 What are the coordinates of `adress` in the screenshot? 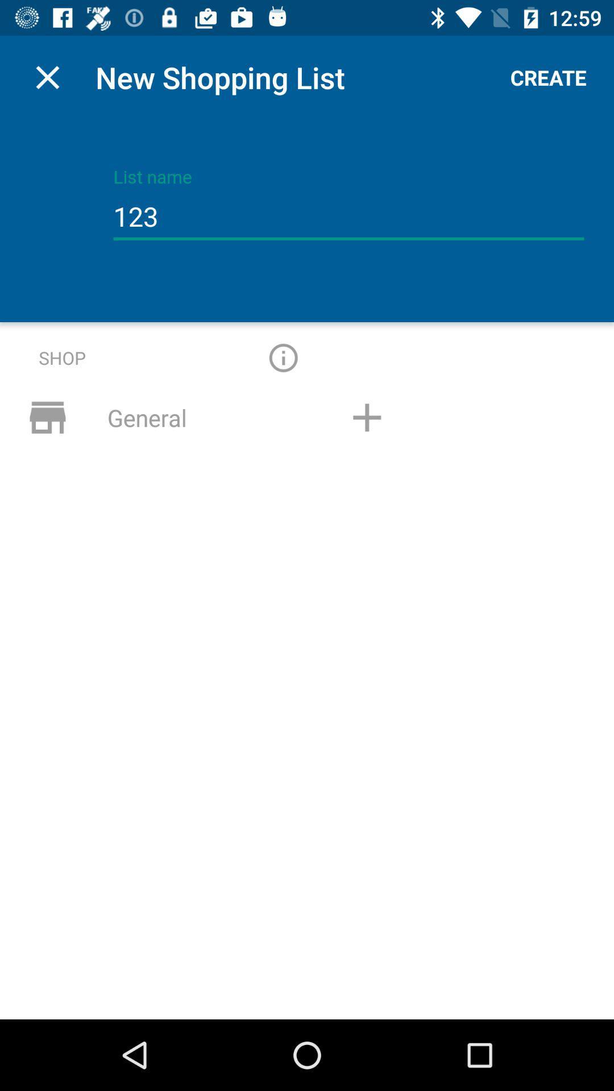 It's located at (367, 417).